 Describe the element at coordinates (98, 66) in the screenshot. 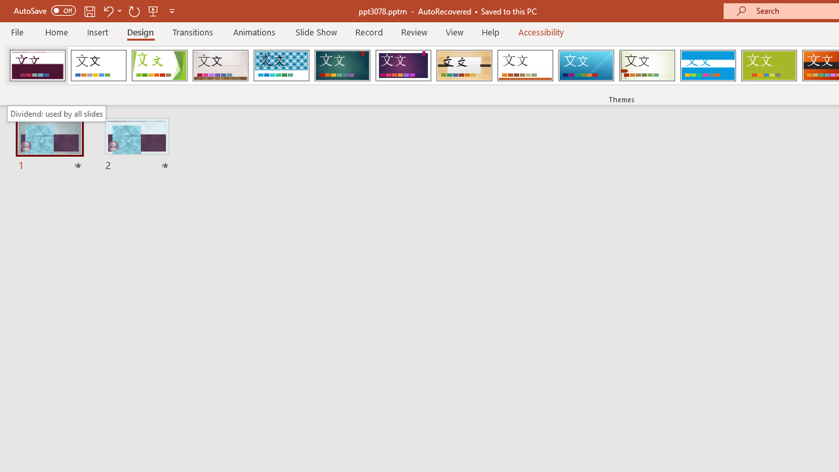

I see `'Office Theme'` at that location.